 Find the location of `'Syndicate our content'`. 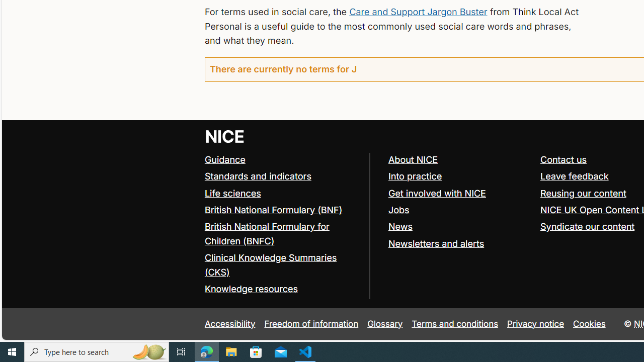

'Syndicate our content' is located at coordinates (588, 227).